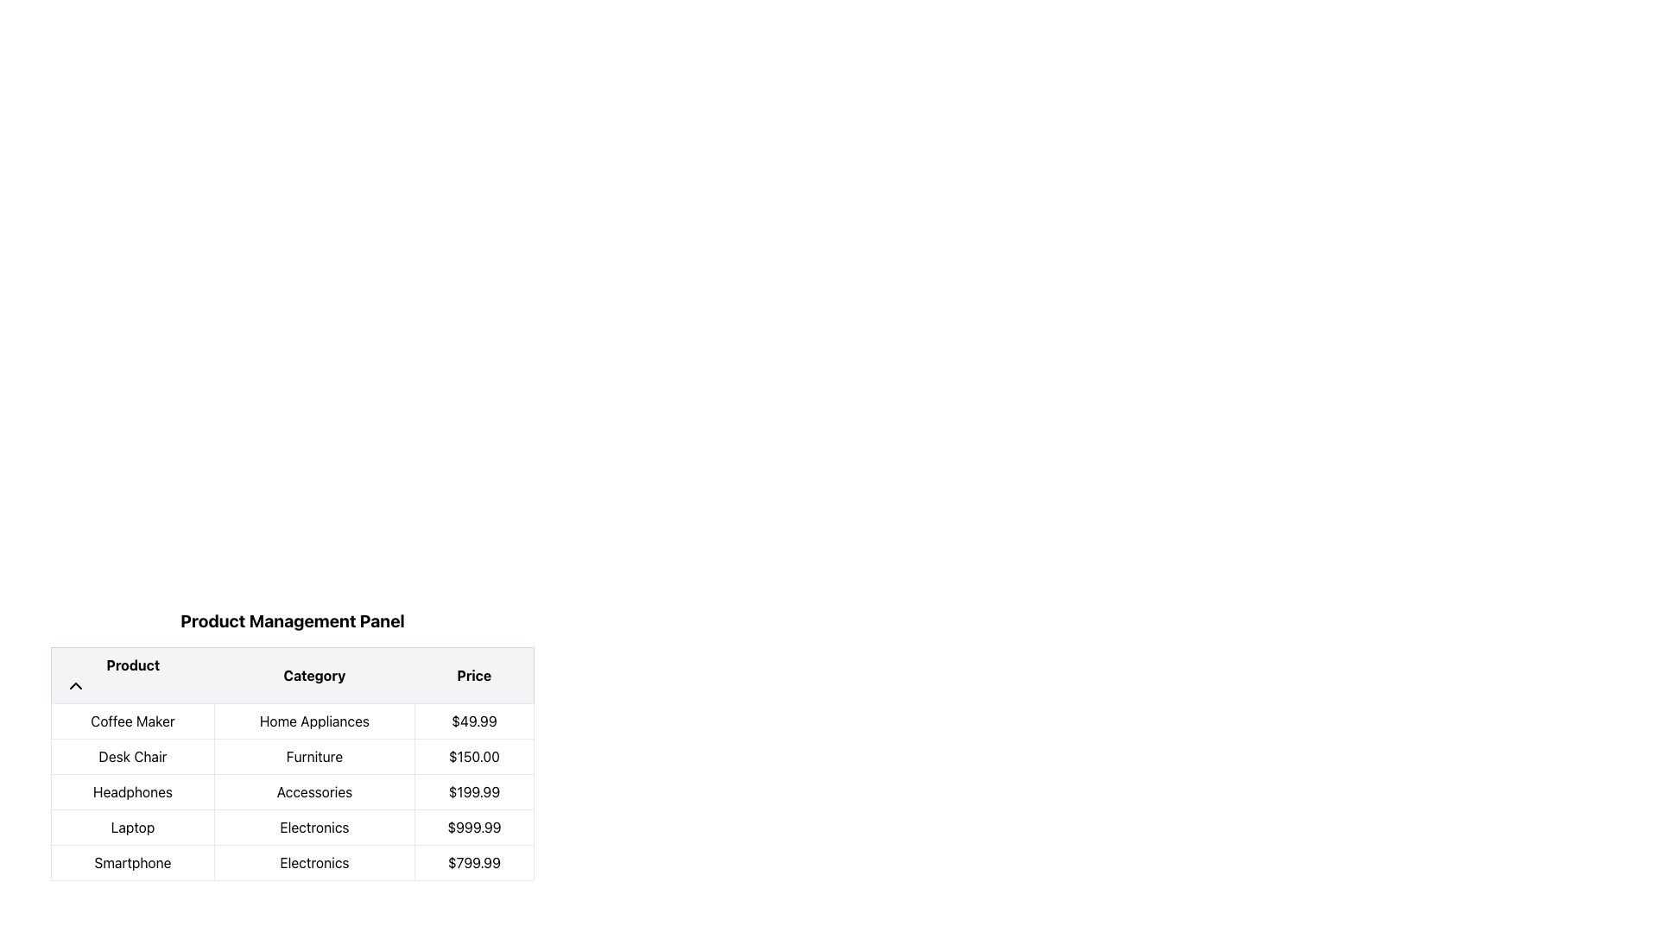 The height and width of the screenshot is (932, 1658). Describe the element at coordinates (293, 744) in the screenshot. I see `the table cell entry for 'Furniture' located in the second row under the 'Category' column in the 'Product Management Panel'` at that location.